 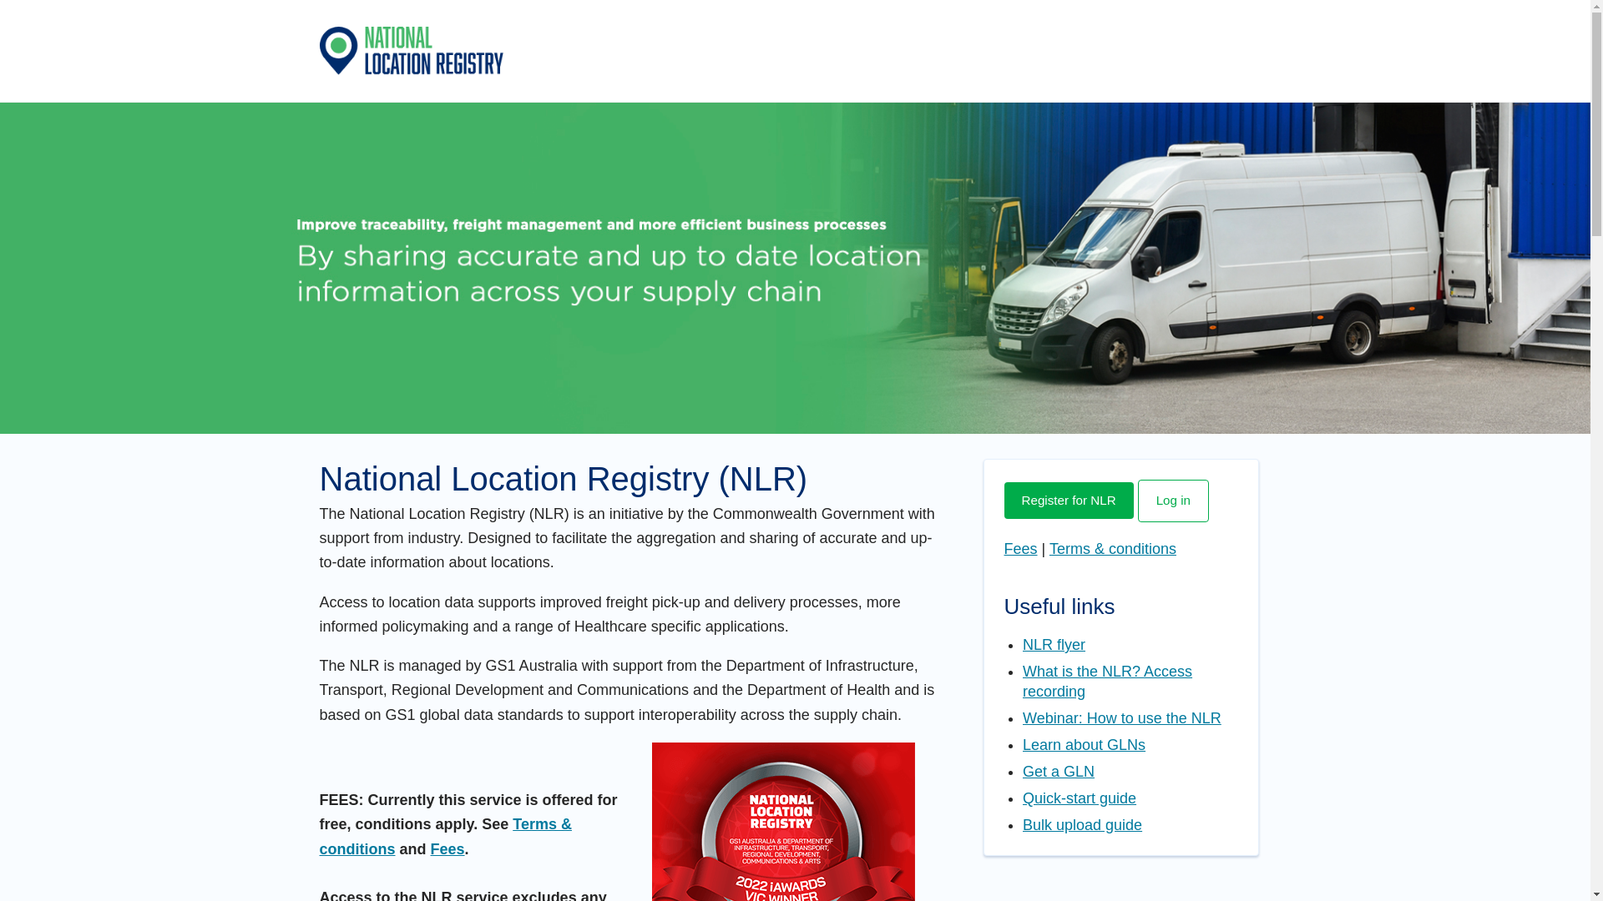 I want to click on 'Fees', so click(x=1019, y=549).